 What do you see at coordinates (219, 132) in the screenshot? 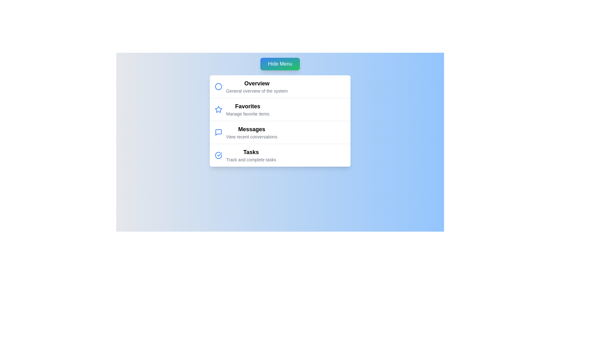
I see `the menu item icon corresponding to Messages` at bounding box center [219, 132].